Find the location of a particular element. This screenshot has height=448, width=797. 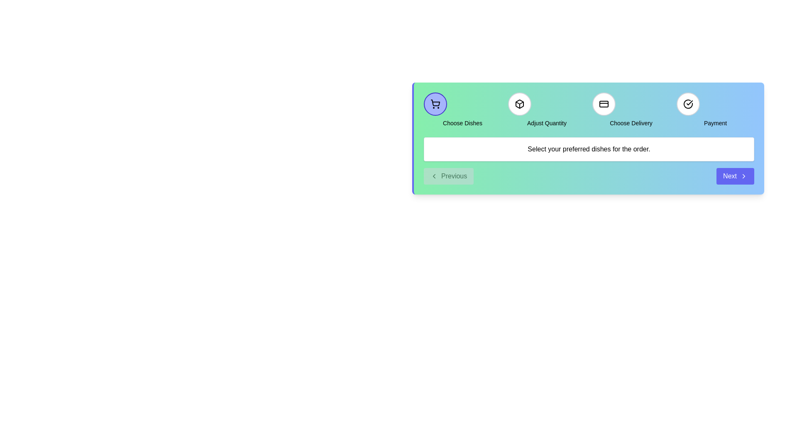

the checkmark icon inside a circular outline located at the top-right corner of the colored interface, which is part of the segmented interface labeled 'Payment' is located at coordinates (689, 102).